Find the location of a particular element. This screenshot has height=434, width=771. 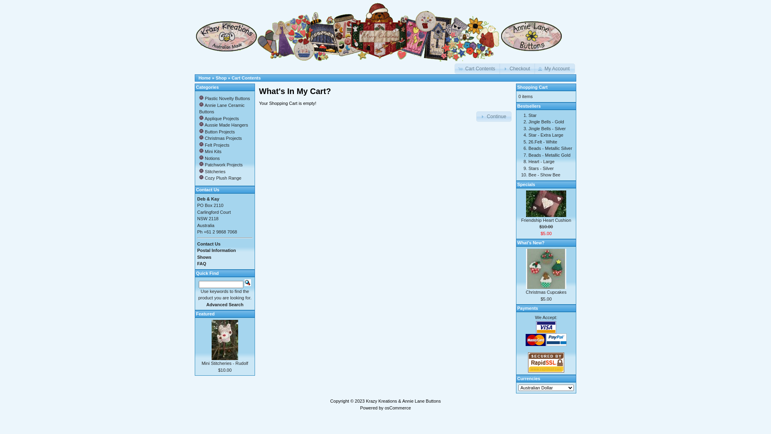

'Postal Information' is located at coordinates (216, 250).